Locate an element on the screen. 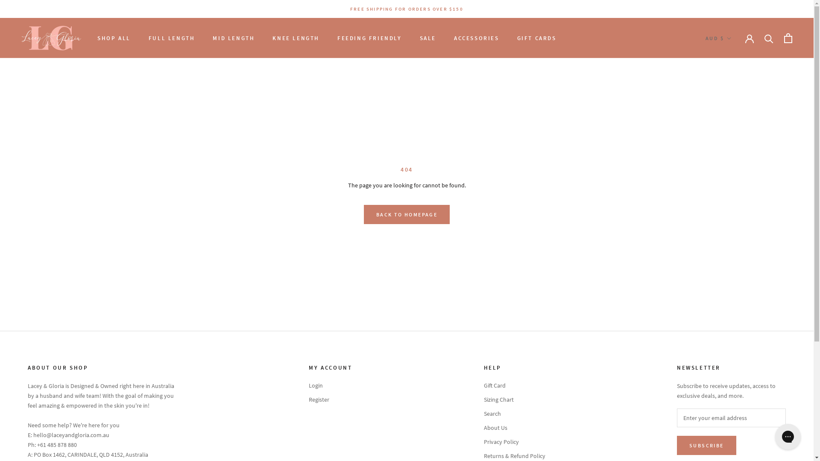 The image size is (820, 461). 'ACCESSORIES is located at coordinates (476, 38).